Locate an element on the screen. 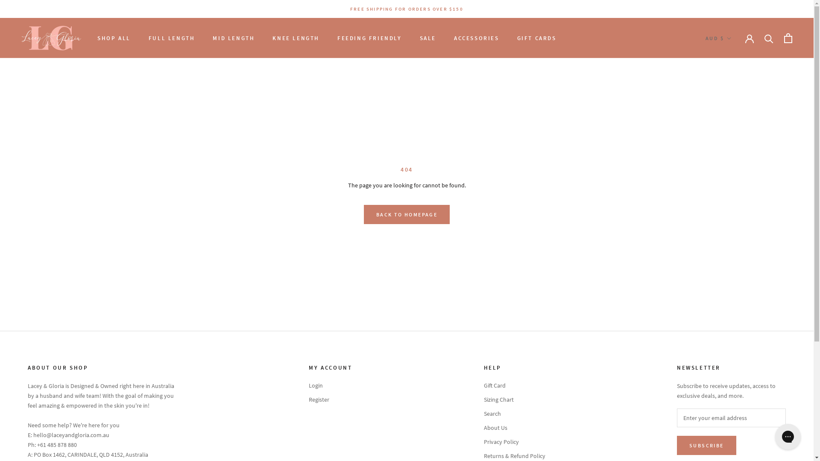 The image size is (820, 461). 'ACCESSORIES is located at coordinates (476, 38).